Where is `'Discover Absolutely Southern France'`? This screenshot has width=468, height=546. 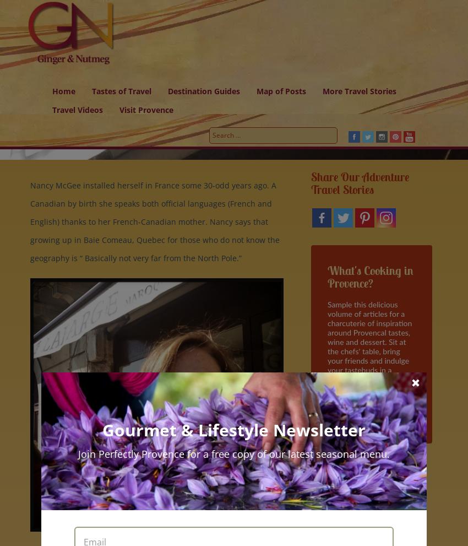
'Discover Absolutely Southern France' is located at coordinates (210, 116).